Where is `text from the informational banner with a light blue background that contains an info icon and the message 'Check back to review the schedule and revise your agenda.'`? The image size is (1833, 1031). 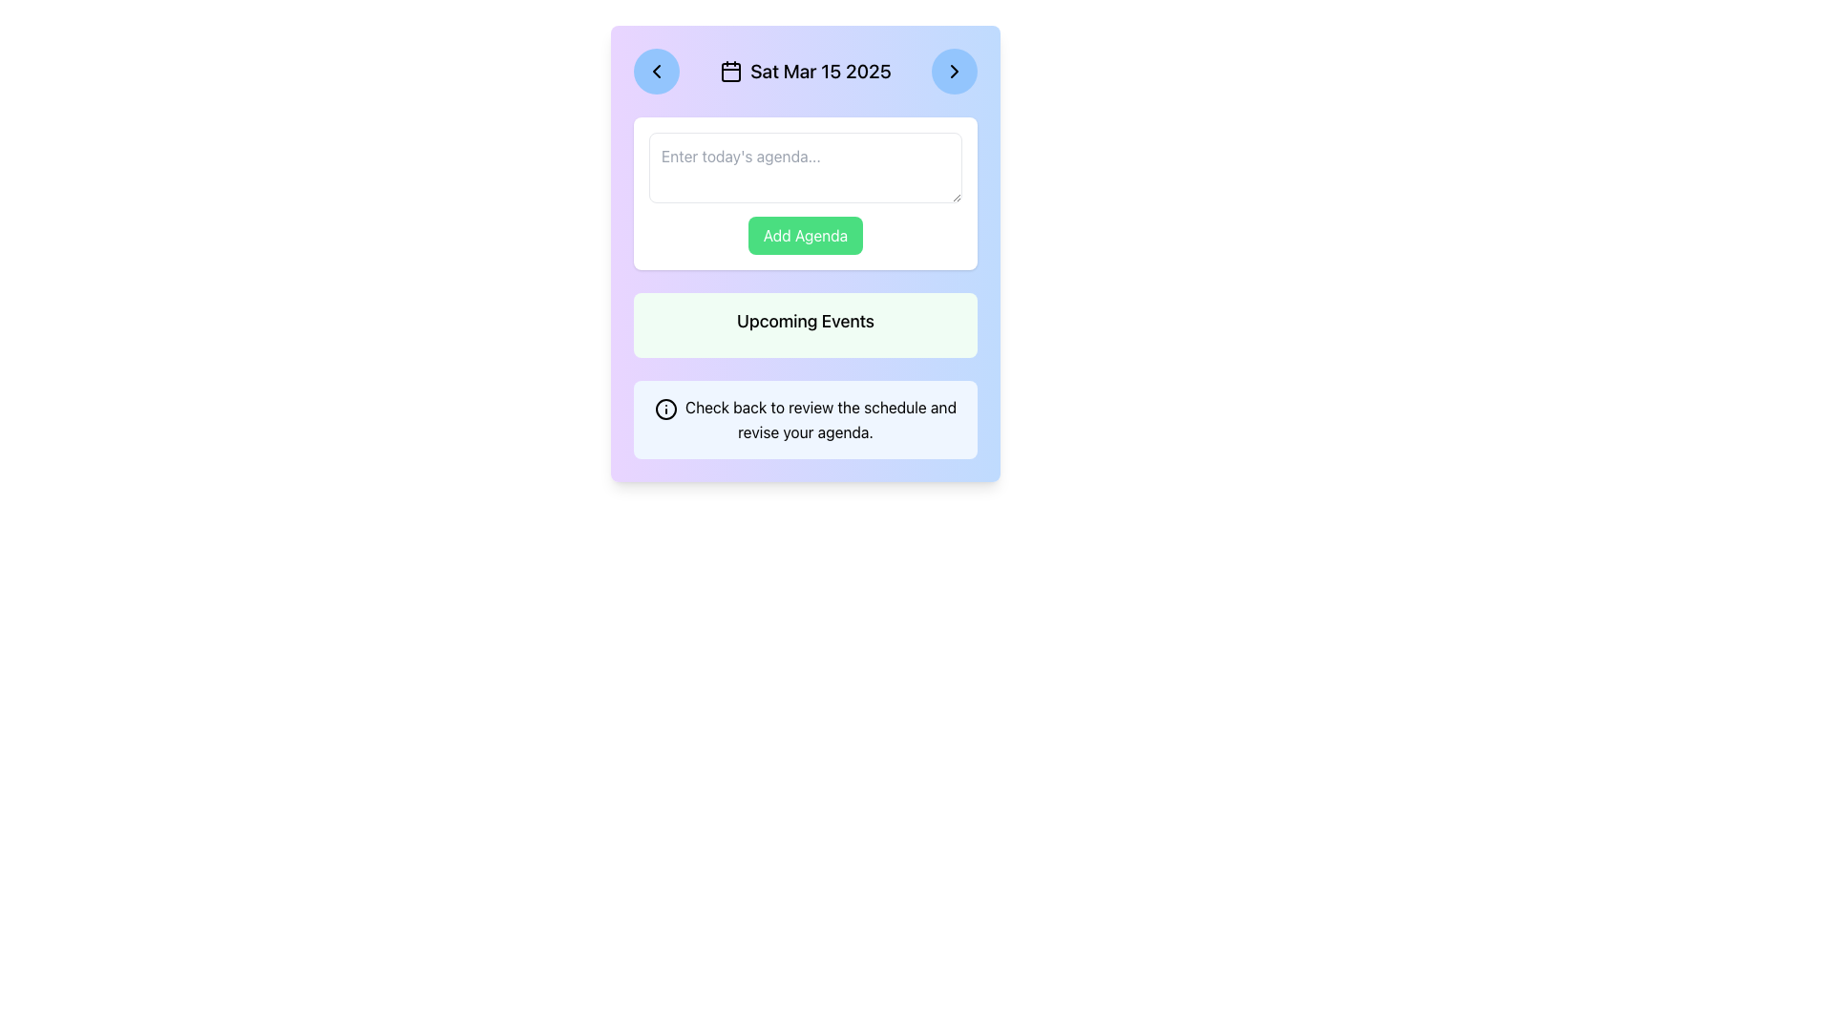 text from the informational banner with a light blue background that contains an info icon and the message 'Check back to review the schedule and revise your agenda.' is located at coordinates (806, 418).